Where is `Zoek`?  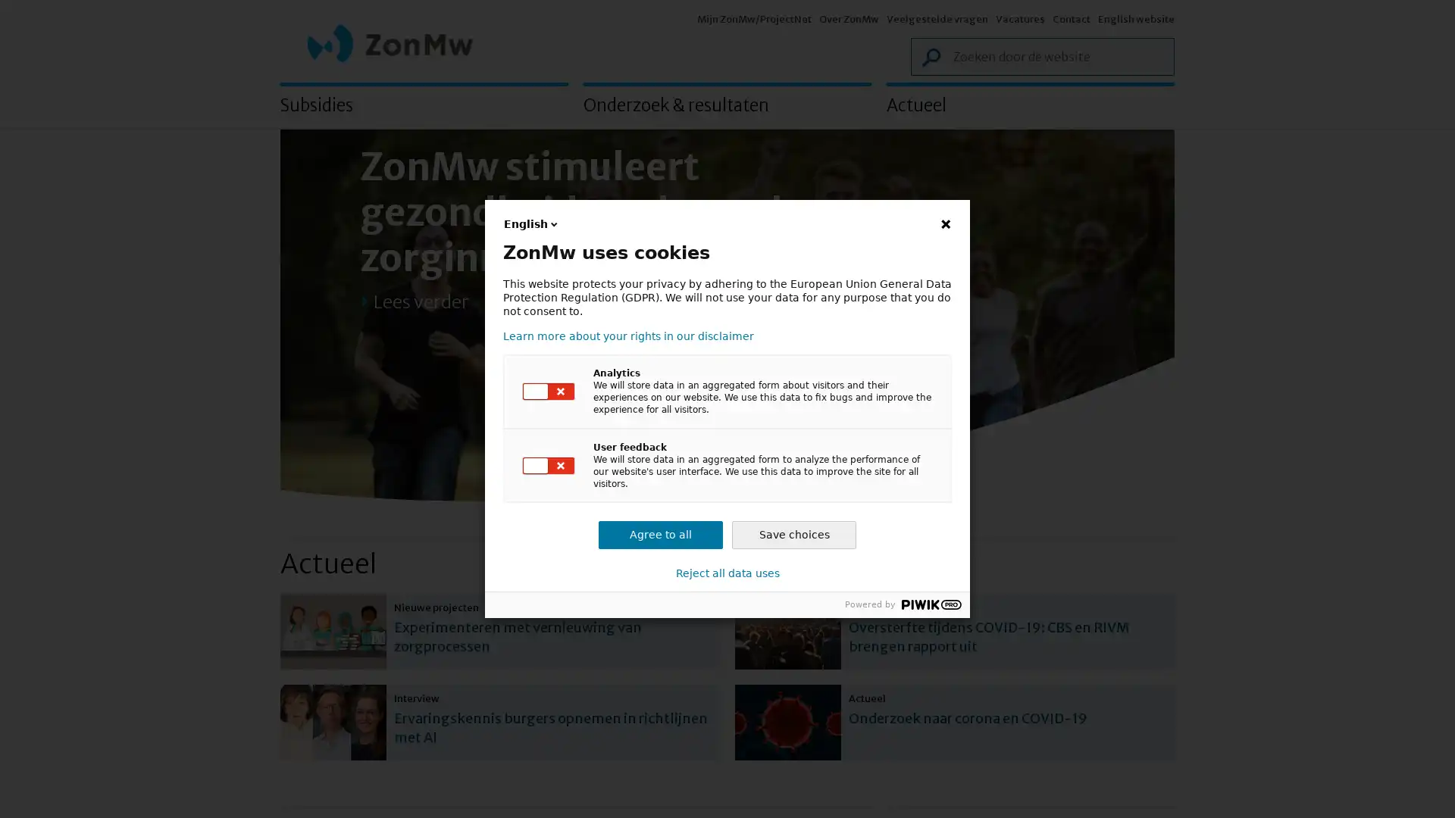 Zoek is located at coordinates (906, 57).